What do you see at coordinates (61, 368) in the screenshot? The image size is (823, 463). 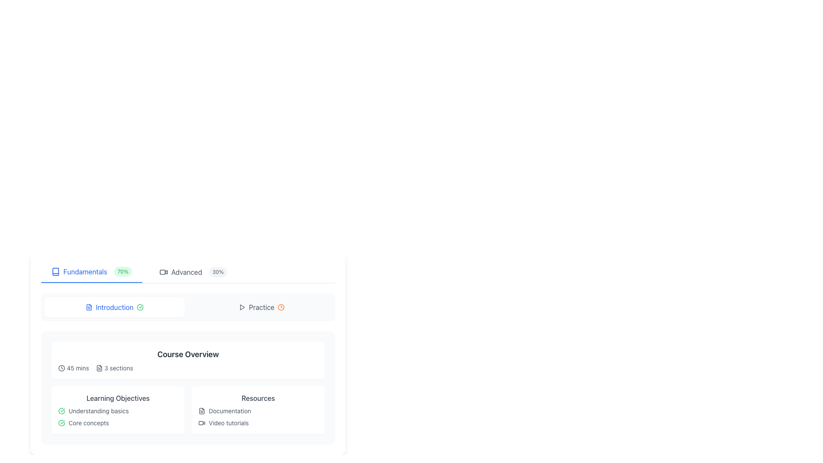 I see `the clock icon, which is visually represented as a circular outline with hands indicating time, located to the left of the text '45 mins'` at bounding box center [61, 368].